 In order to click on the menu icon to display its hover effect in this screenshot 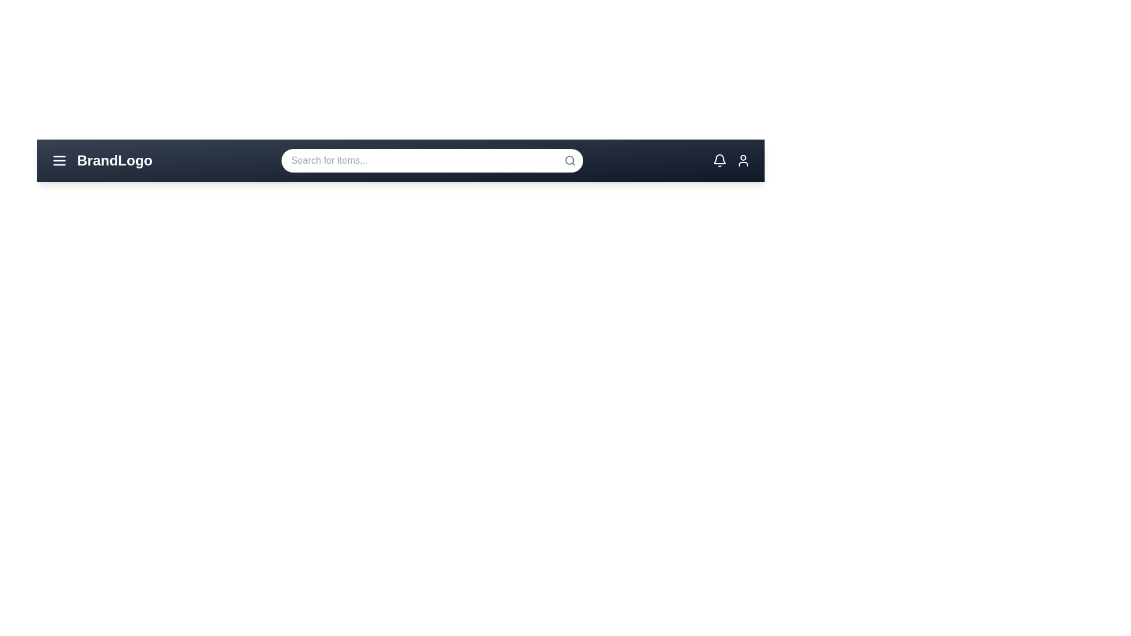, I will do `click(58, 161)`.